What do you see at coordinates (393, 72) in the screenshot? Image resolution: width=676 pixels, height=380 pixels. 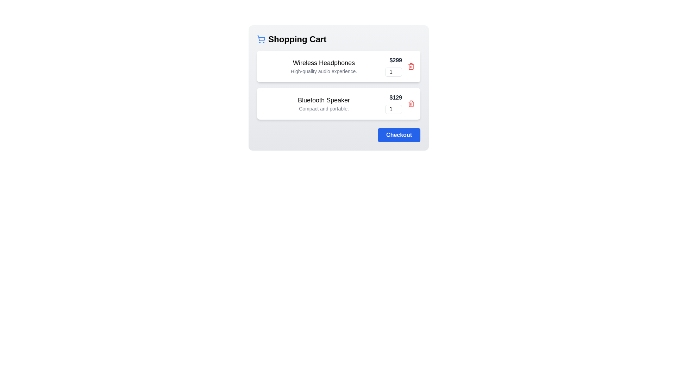 I see `the quantity of the item to 89 by interacting with the input field` at bounding box center [393, 72].